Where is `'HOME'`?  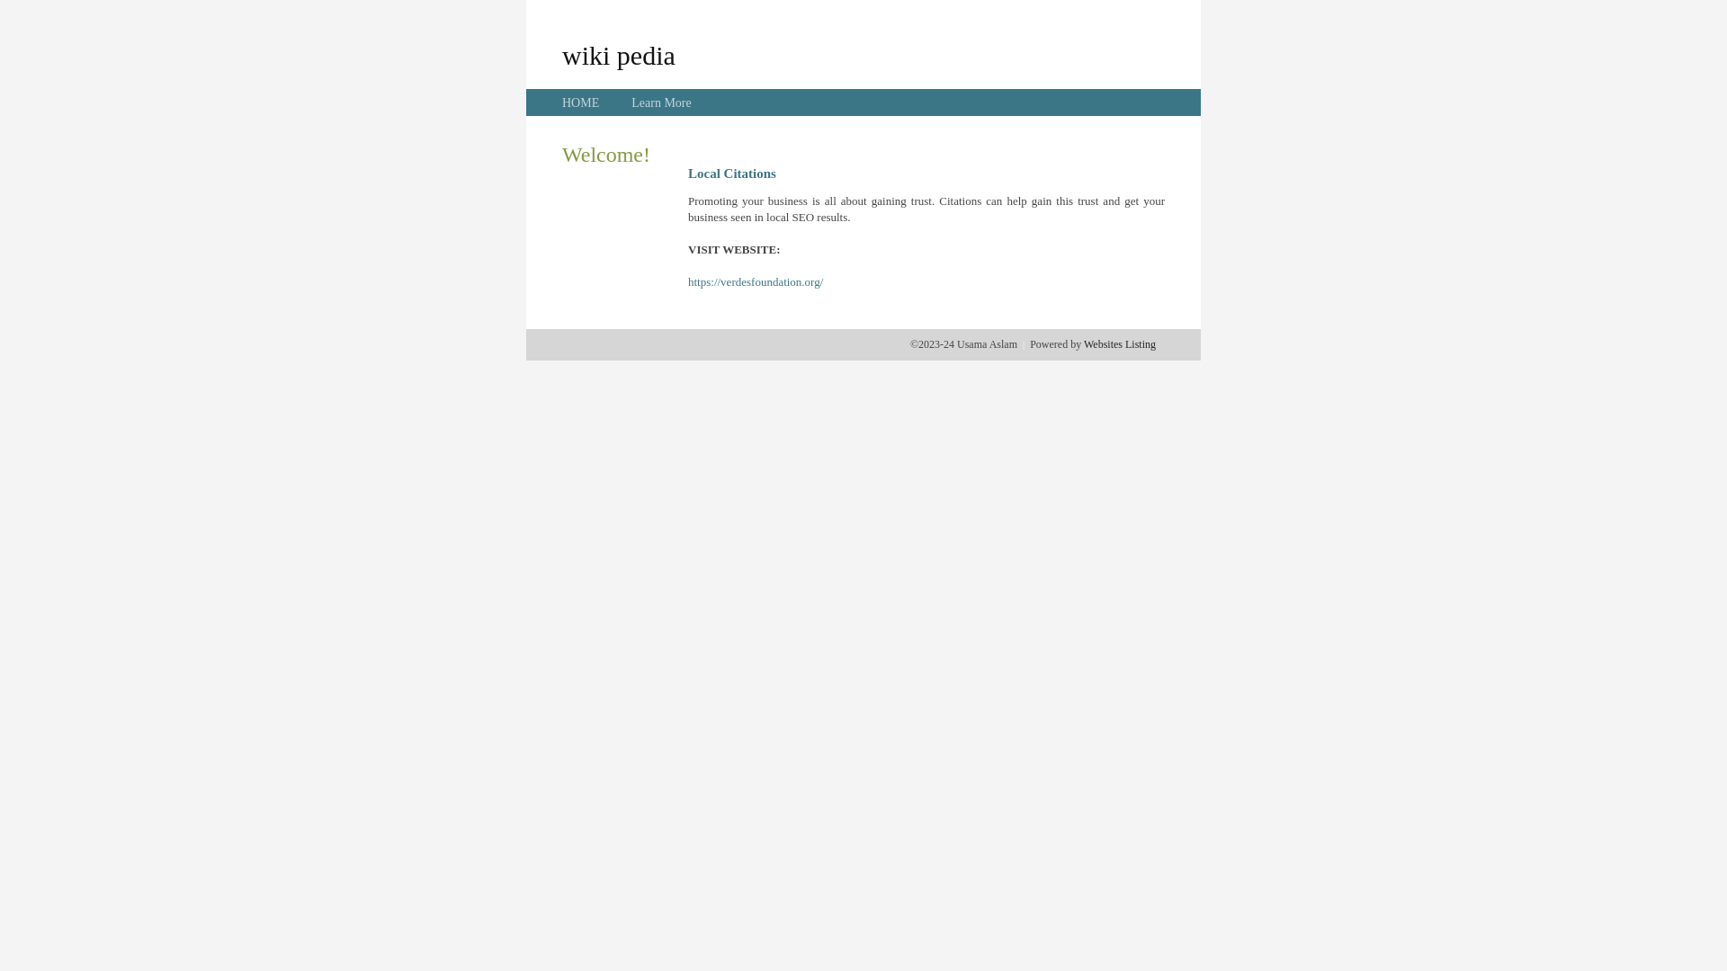 'HOME' is located at coordinates (580, 102).